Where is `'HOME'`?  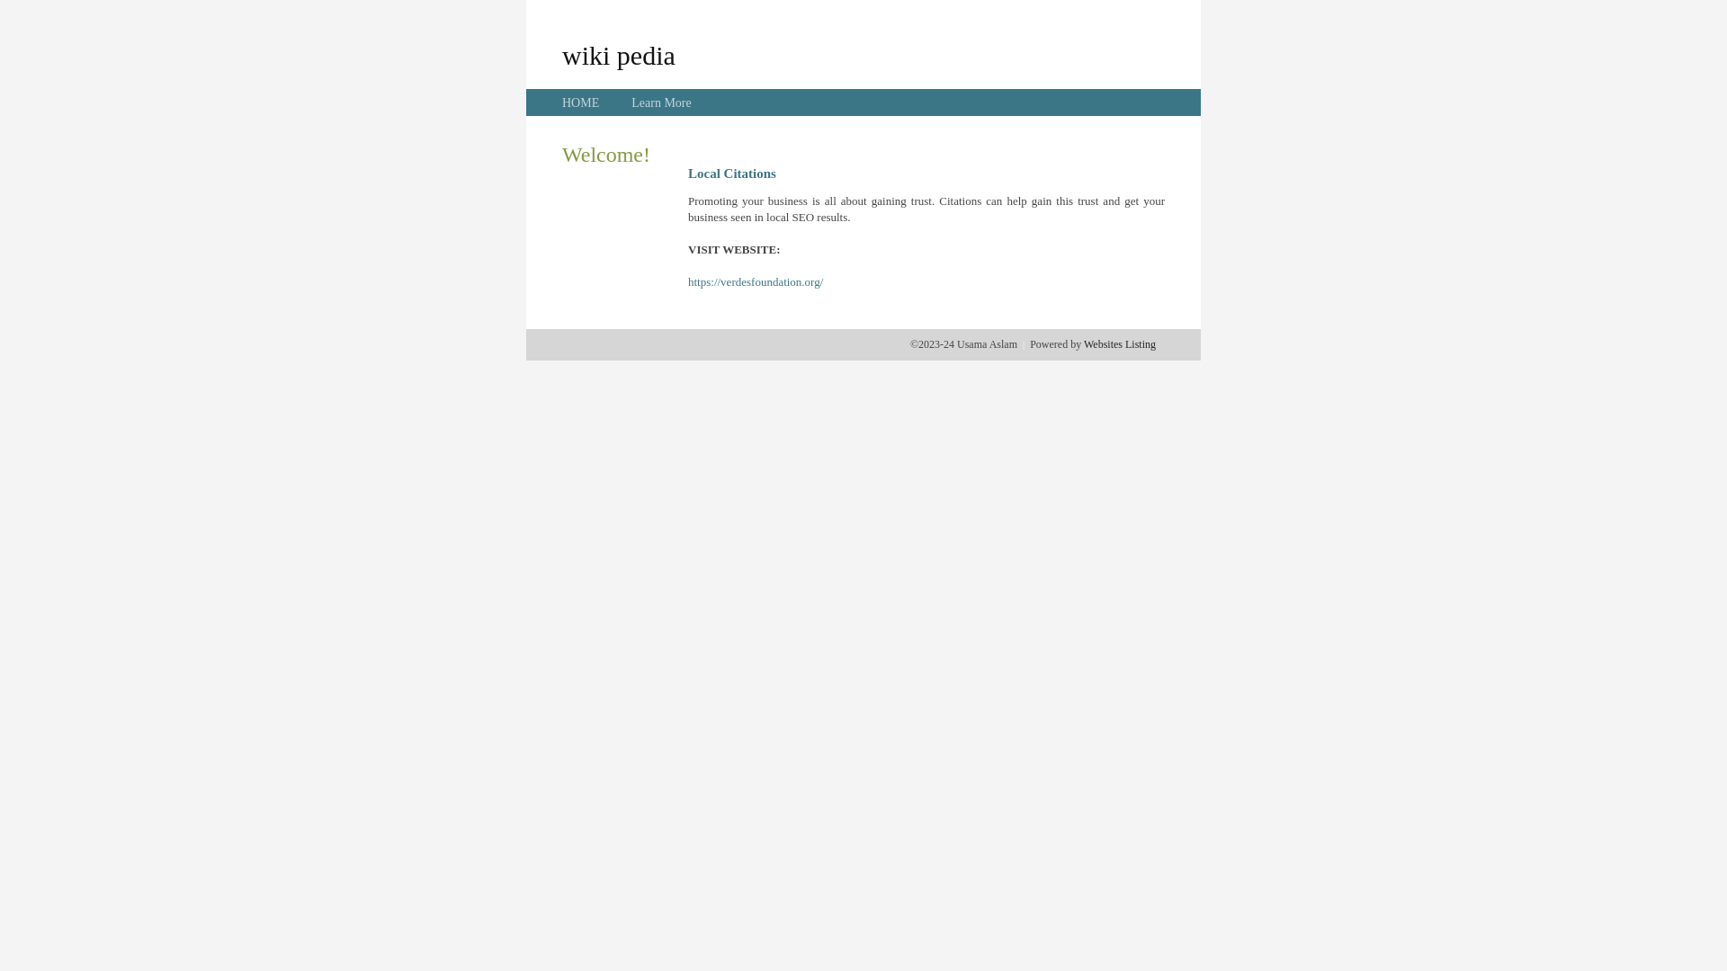 'HOME' is located at coordinates (580, 102).